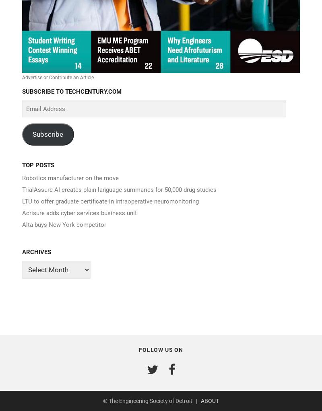  Describe the element at coordinates (151, 401) in the screenshot. I see `'© The Engineering Society of Detroit   |'` at that location.